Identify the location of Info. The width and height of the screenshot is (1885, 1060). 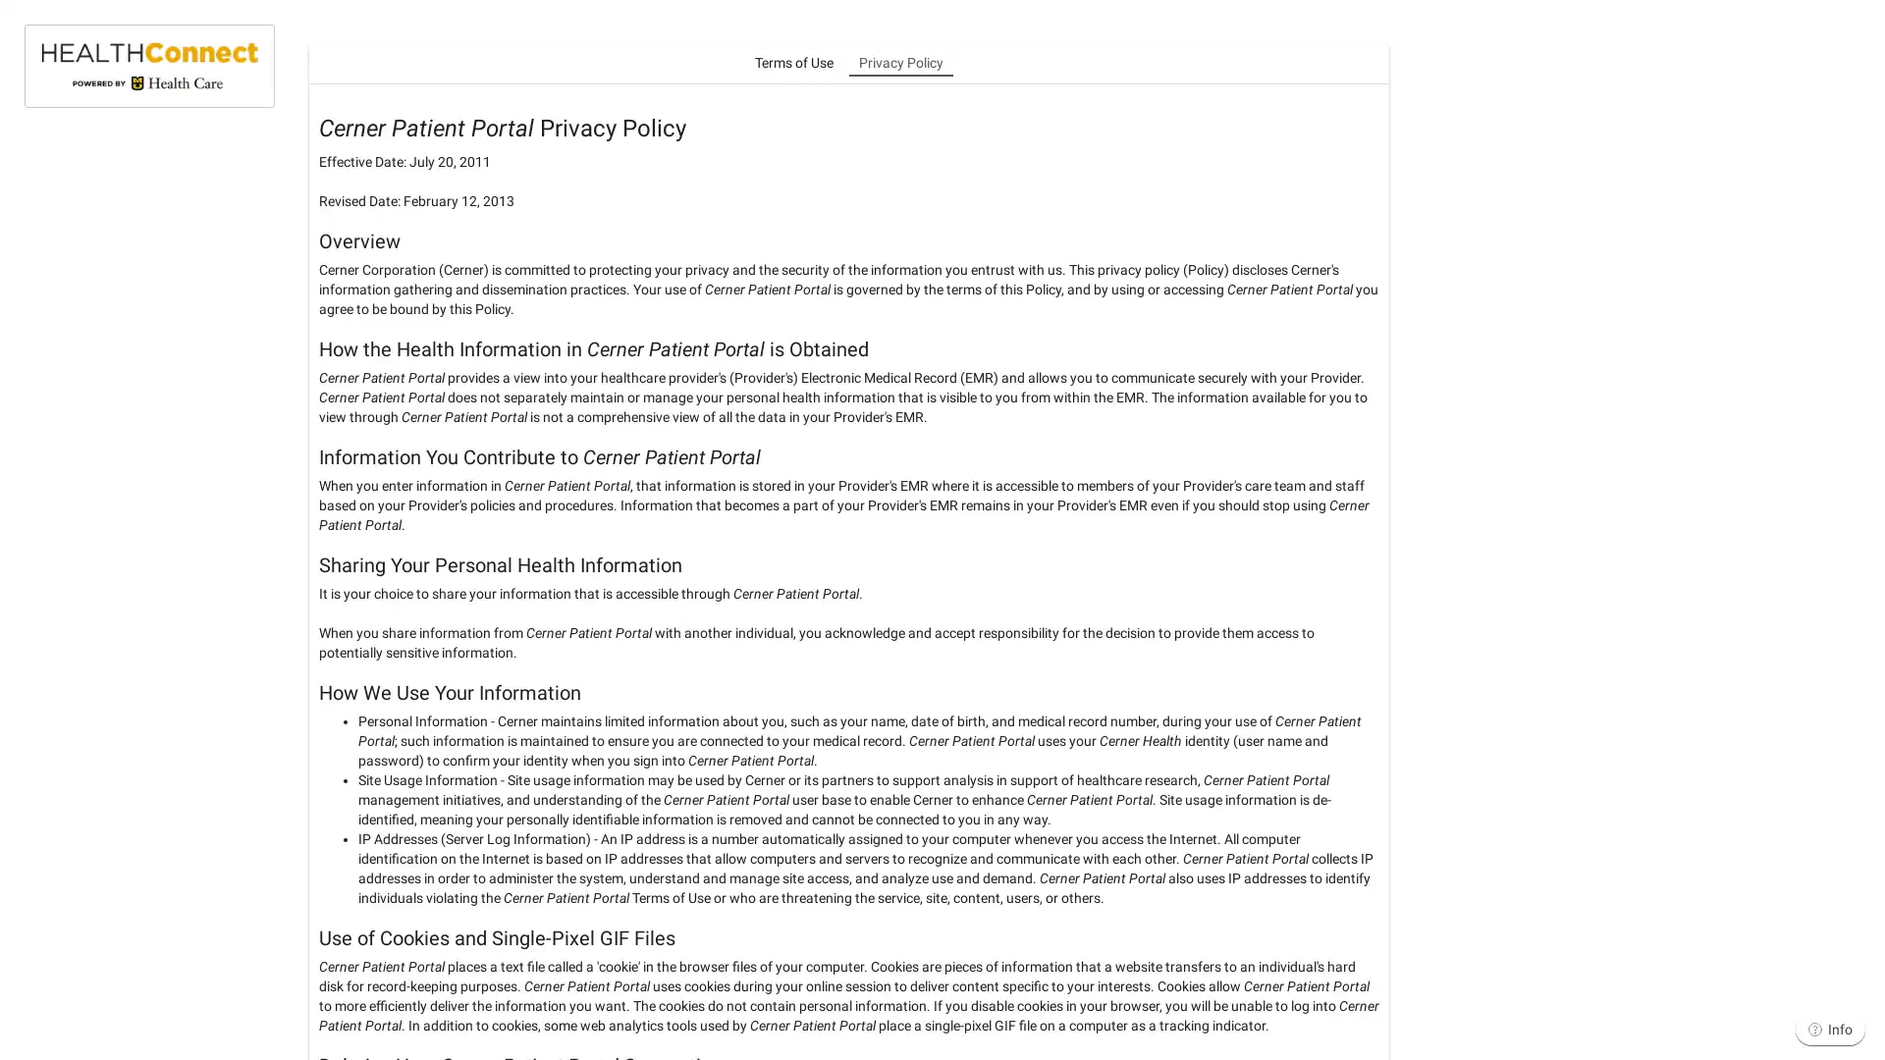
(1829, 1029).